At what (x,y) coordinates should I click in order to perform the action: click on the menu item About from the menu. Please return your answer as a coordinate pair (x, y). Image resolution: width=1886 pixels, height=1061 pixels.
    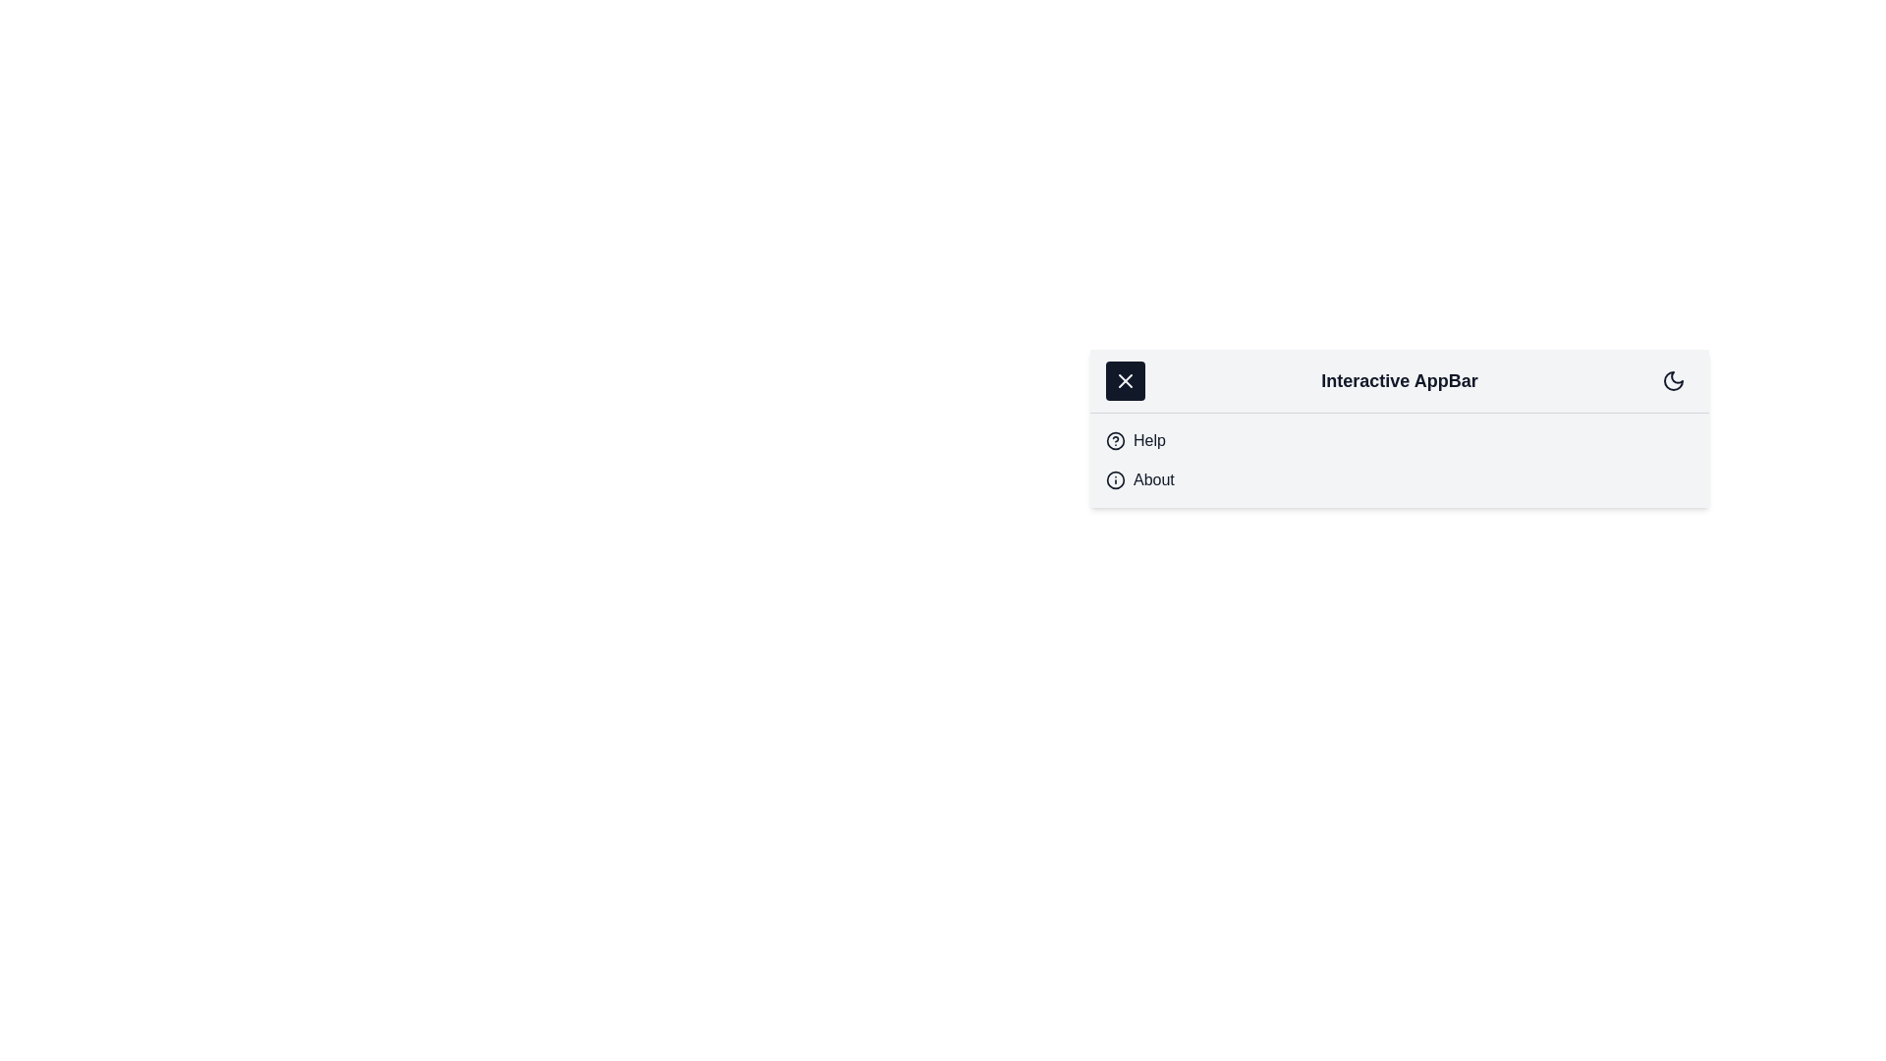
    Looking at the image, I should click on (1153, 480).